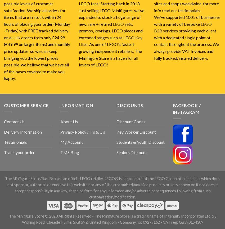  What do you see at coordinates (97, 132) in the screenshot?
I see `'T’s & C’s'` at bounding box center [97, 132].